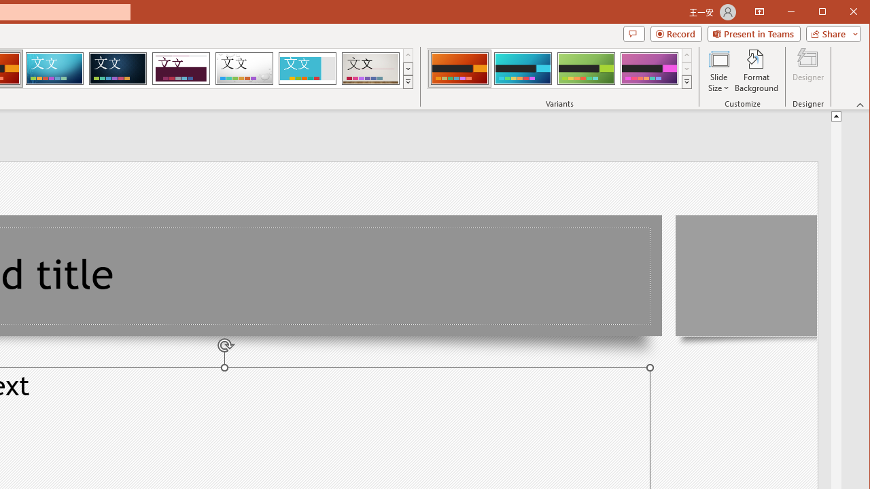 The height and width of the screenshot is (489, 870). Describe the element at coordinates (756, 71) in the screenshot. I see `'Format Background'` at that location.